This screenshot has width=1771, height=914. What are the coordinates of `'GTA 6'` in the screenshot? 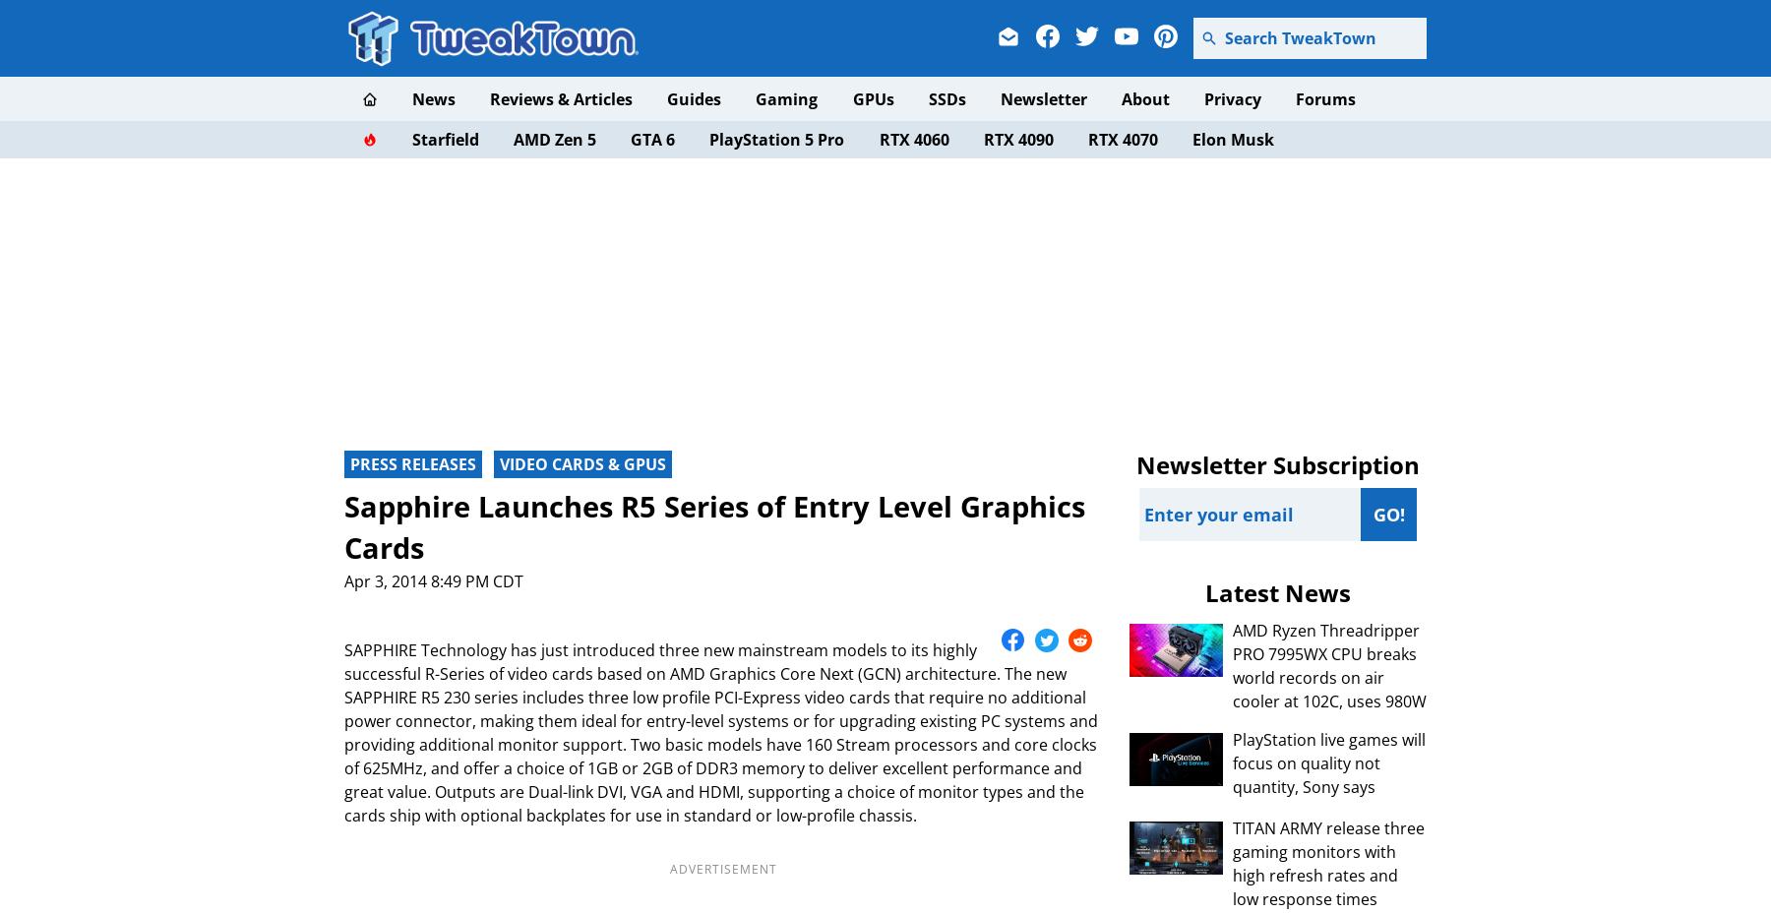 It's located at (630, 139).